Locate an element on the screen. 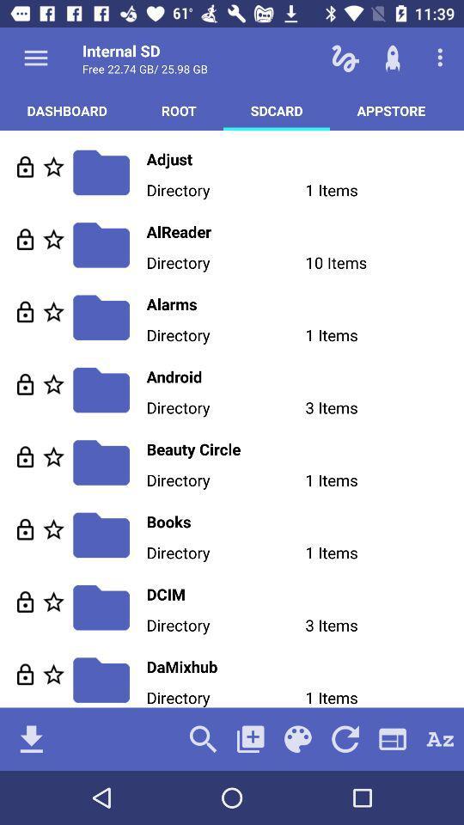 The width and height of the screenshot is (464, 825). favourite option is located at coordinates (53, 602).